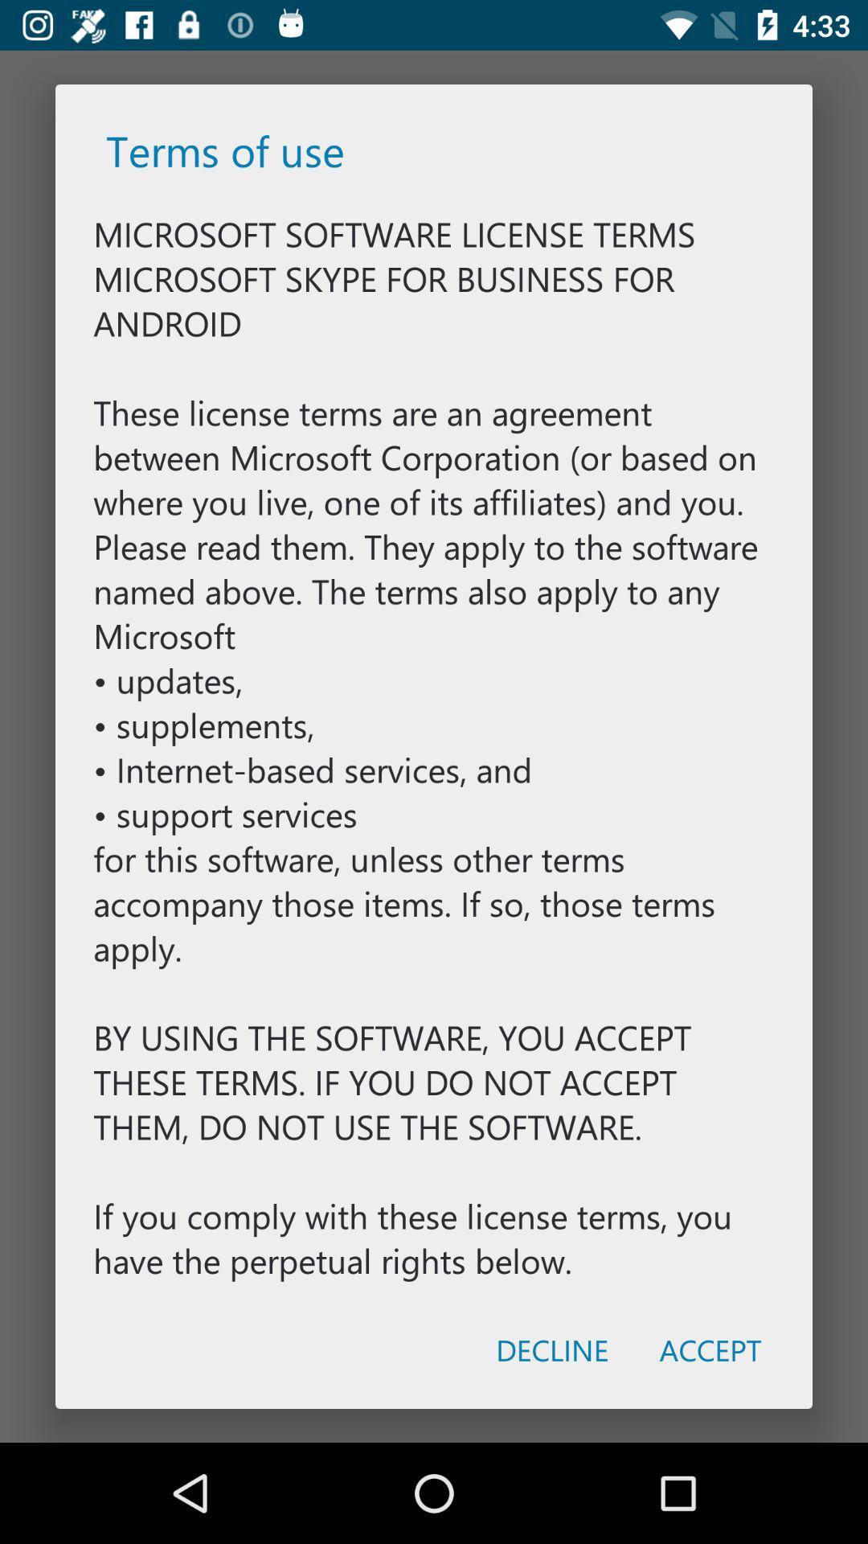 This screenshot has height=1544, width=868. I want to click on the icon at the bottom right corner, so click(710, 1349).